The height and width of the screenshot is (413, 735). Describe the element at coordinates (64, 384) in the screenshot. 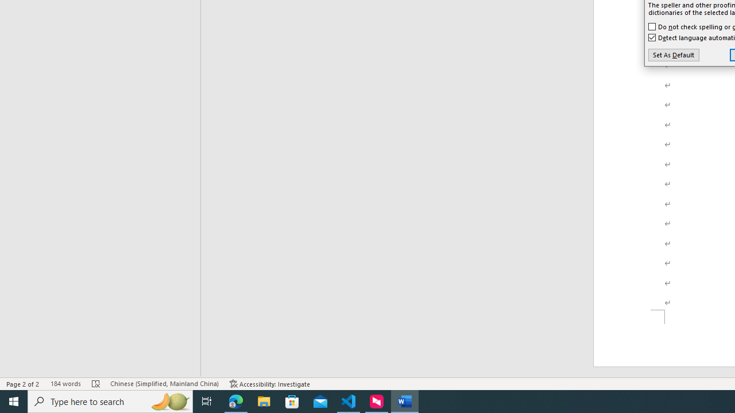

I see `'Word Count 184 words'` at that location.